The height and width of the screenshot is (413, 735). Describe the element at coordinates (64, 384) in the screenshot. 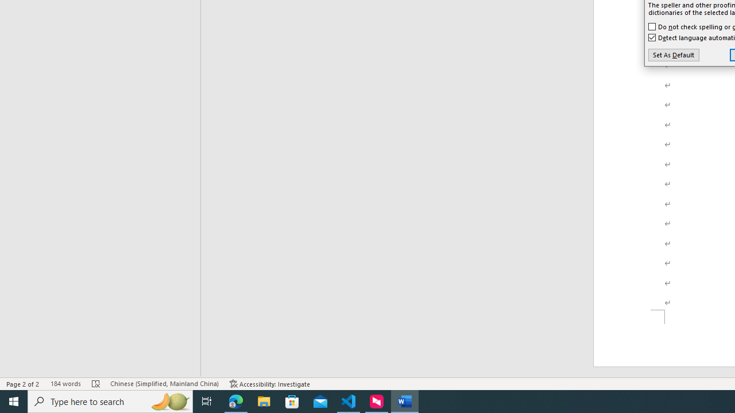

I see `'Word Count 184 words'` at that location.